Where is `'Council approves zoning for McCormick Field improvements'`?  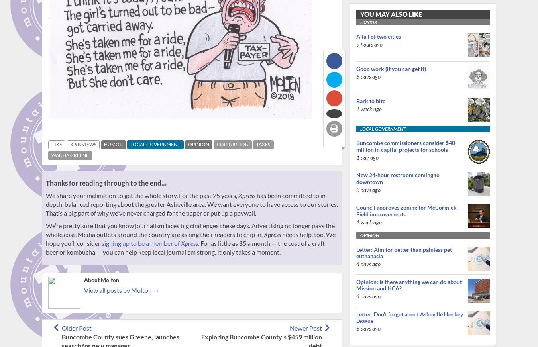
'Council approves zoning for McCormick Field improvements' is located at coordinates (406, 210).